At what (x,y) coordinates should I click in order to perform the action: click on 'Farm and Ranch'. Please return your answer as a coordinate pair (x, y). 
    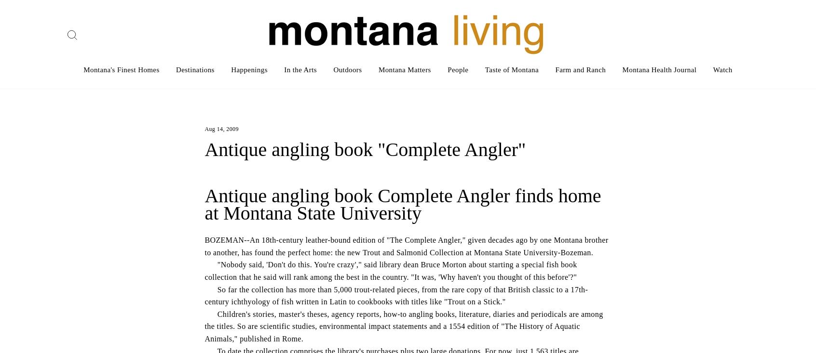
    Looking at the image, I should click on (555, 69).